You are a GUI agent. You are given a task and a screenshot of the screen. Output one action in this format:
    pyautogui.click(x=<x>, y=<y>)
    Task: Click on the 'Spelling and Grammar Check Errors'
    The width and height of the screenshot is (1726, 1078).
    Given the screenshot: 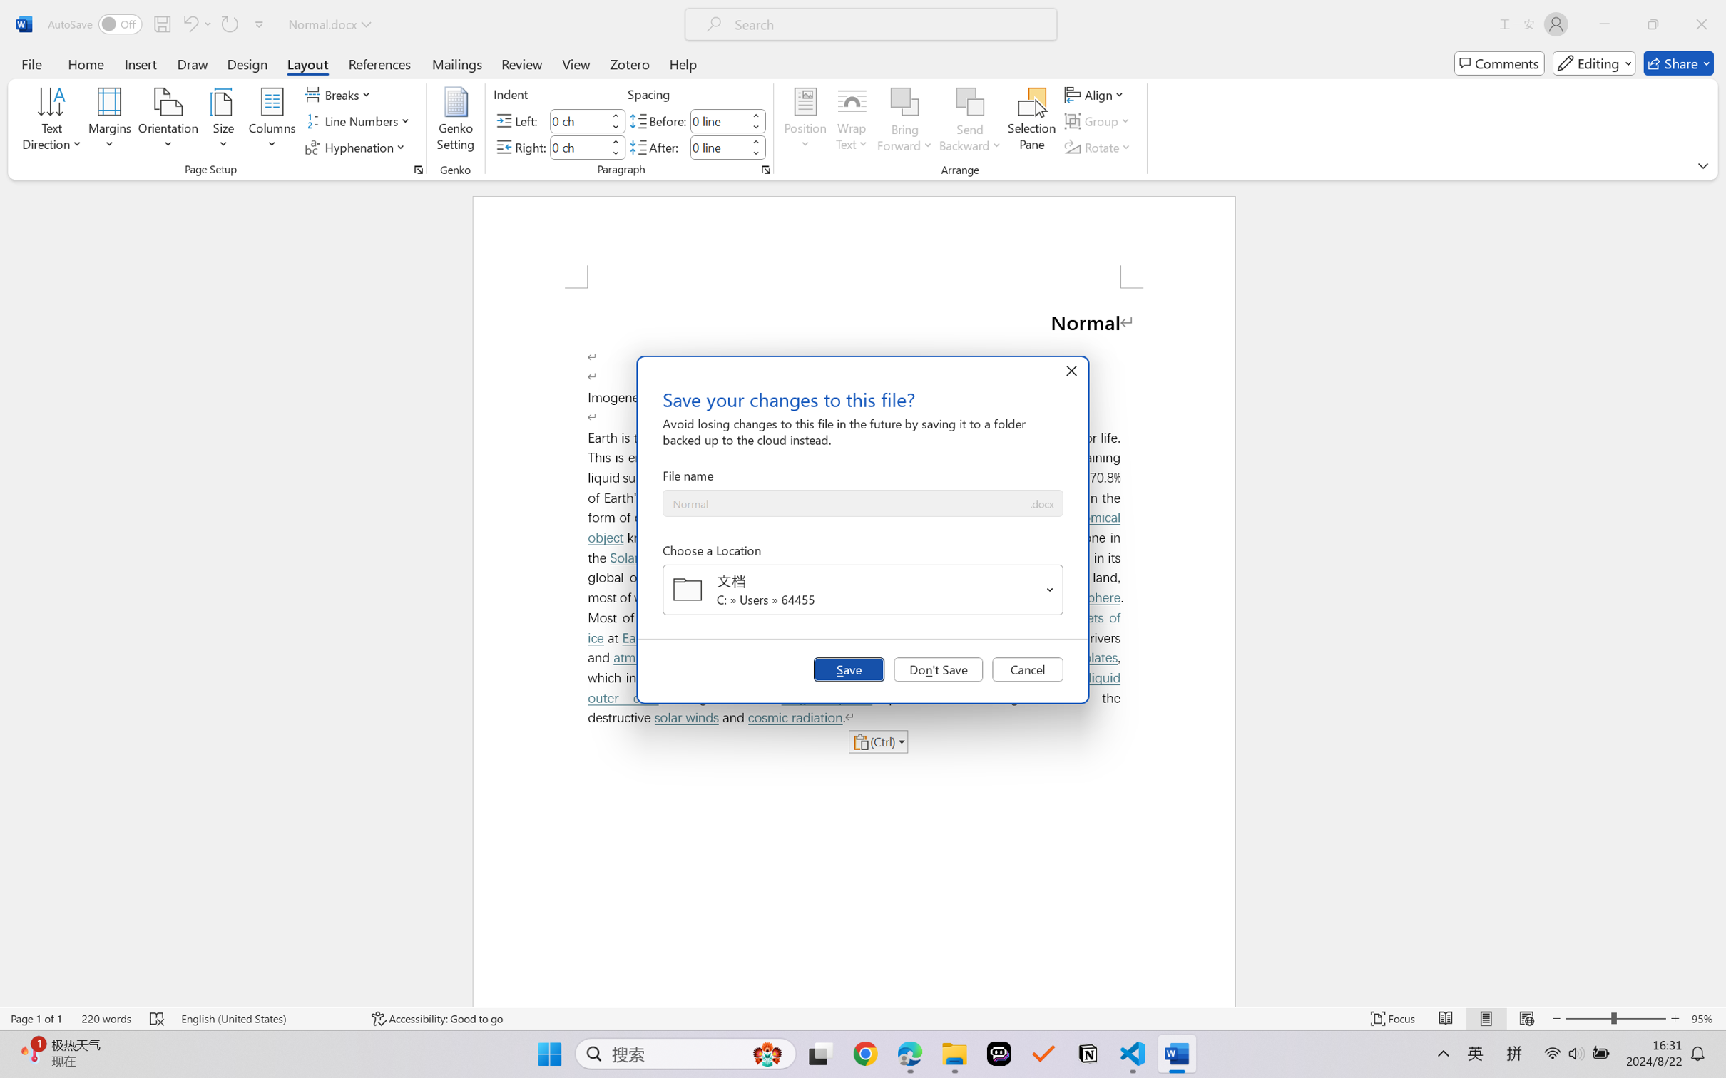 What is the action you would take?
    pyautogui.click(x=157, y=1018)
    